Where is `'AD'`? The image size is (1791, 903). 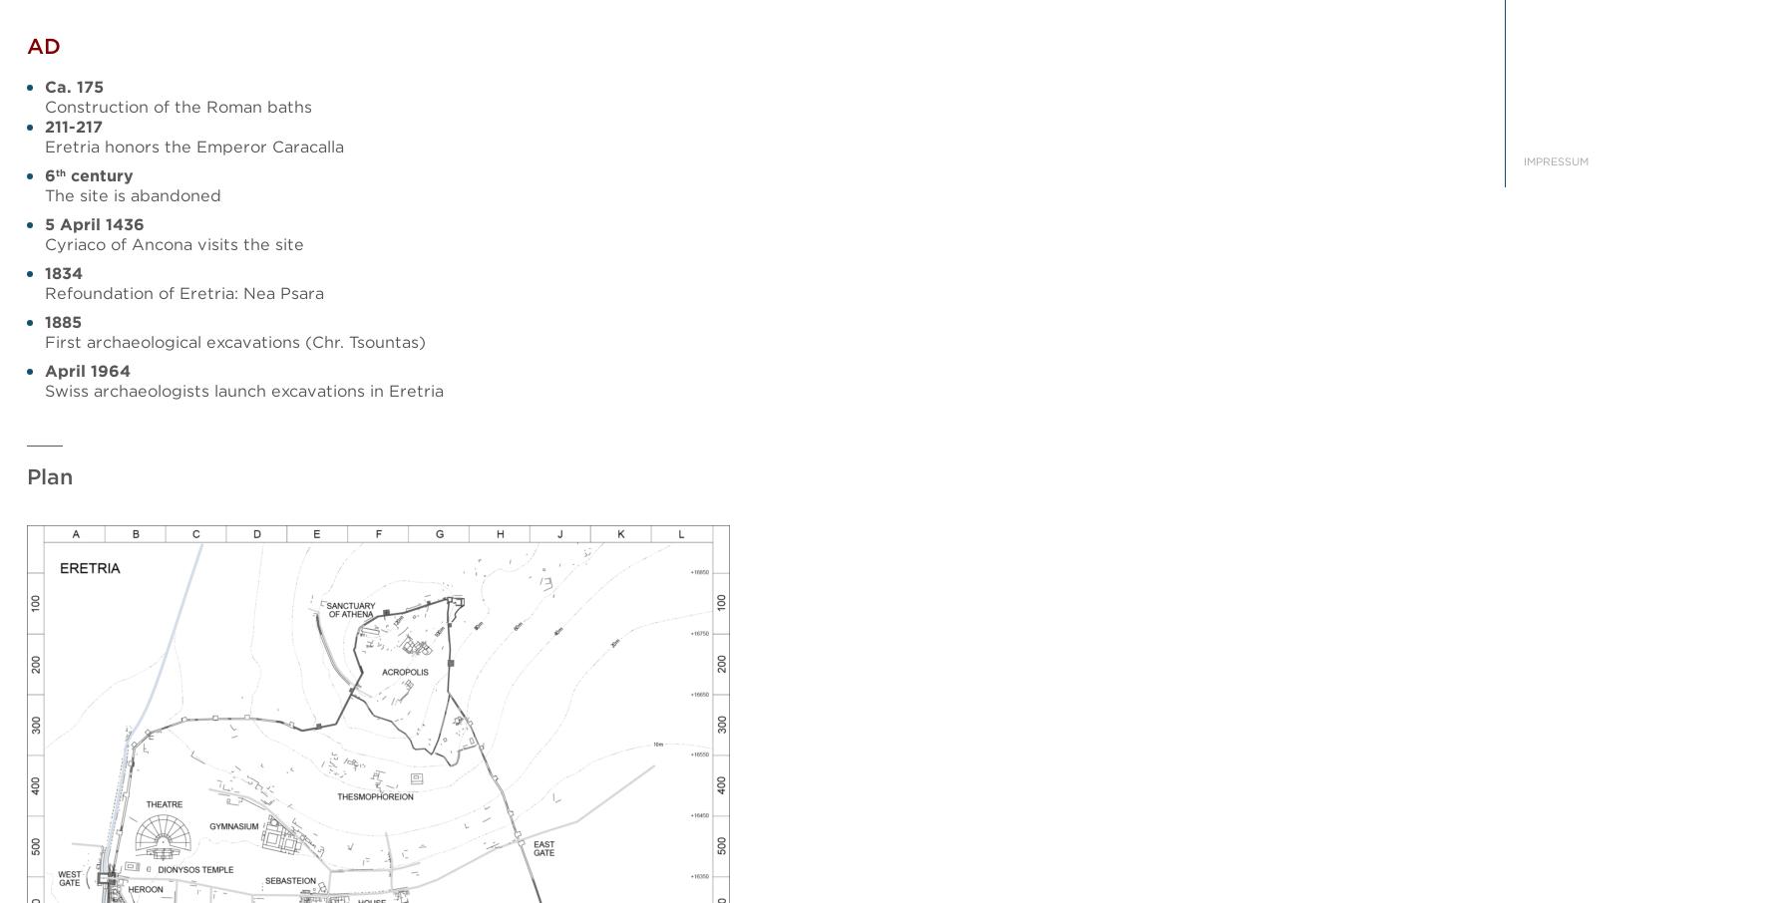
'AD' is located at coordinates (43, 46).